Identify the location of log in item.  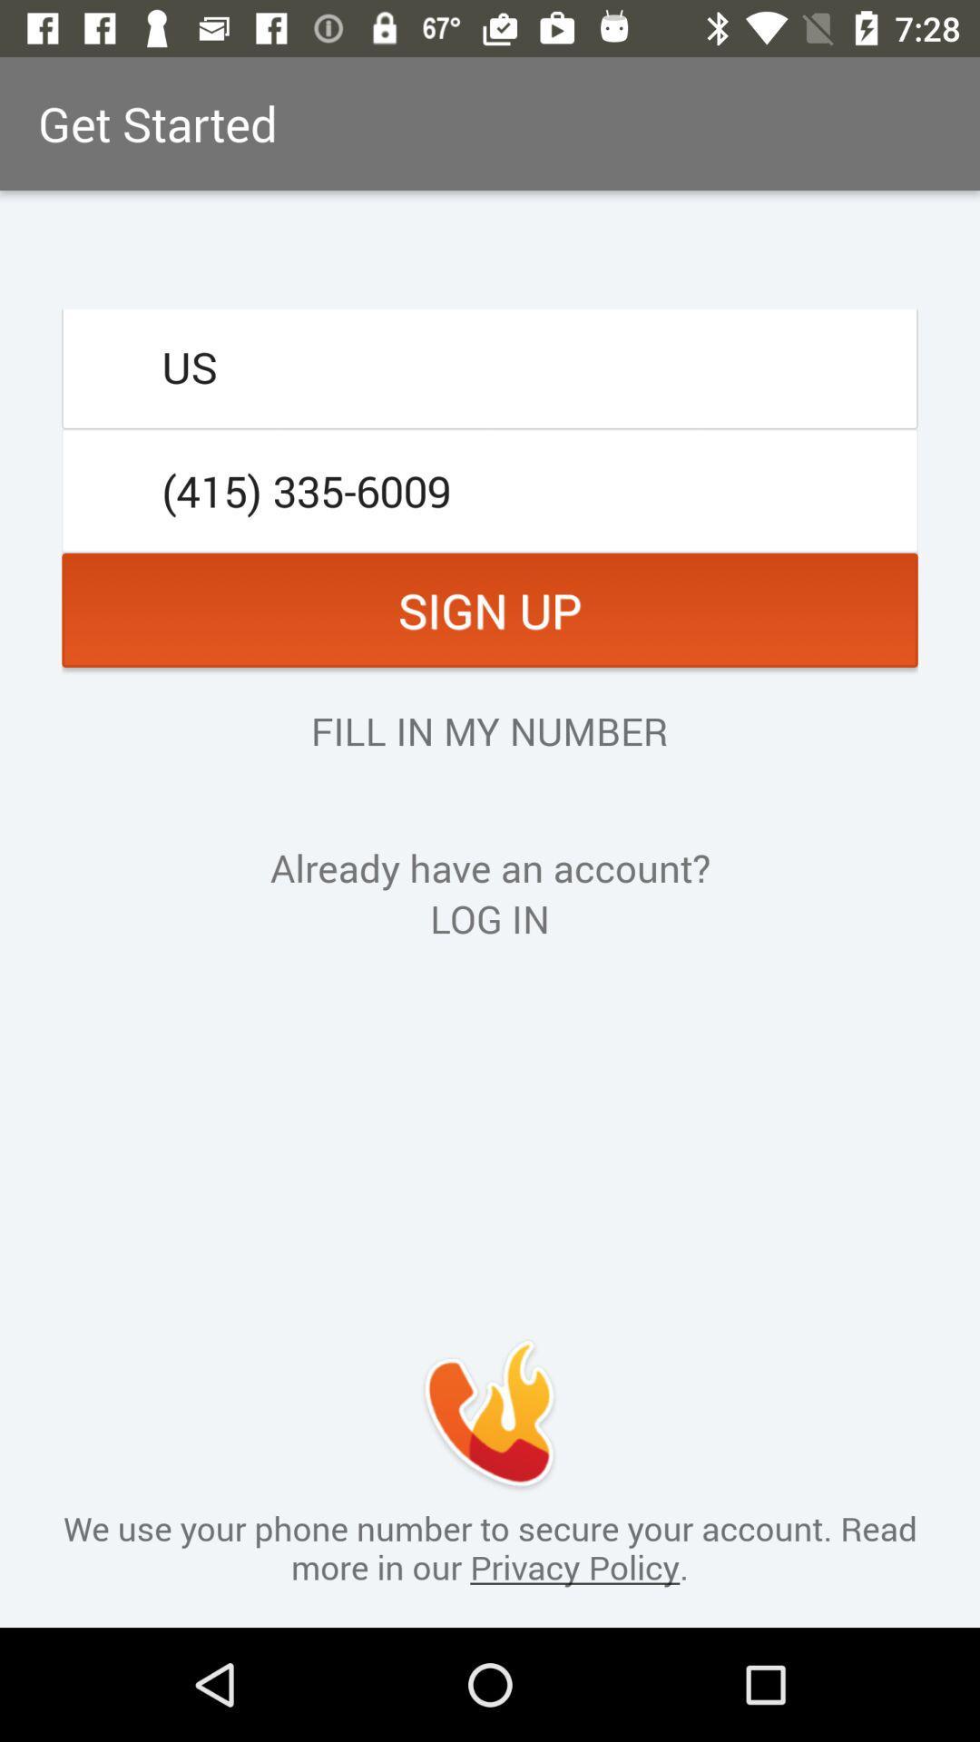
(490, 918).